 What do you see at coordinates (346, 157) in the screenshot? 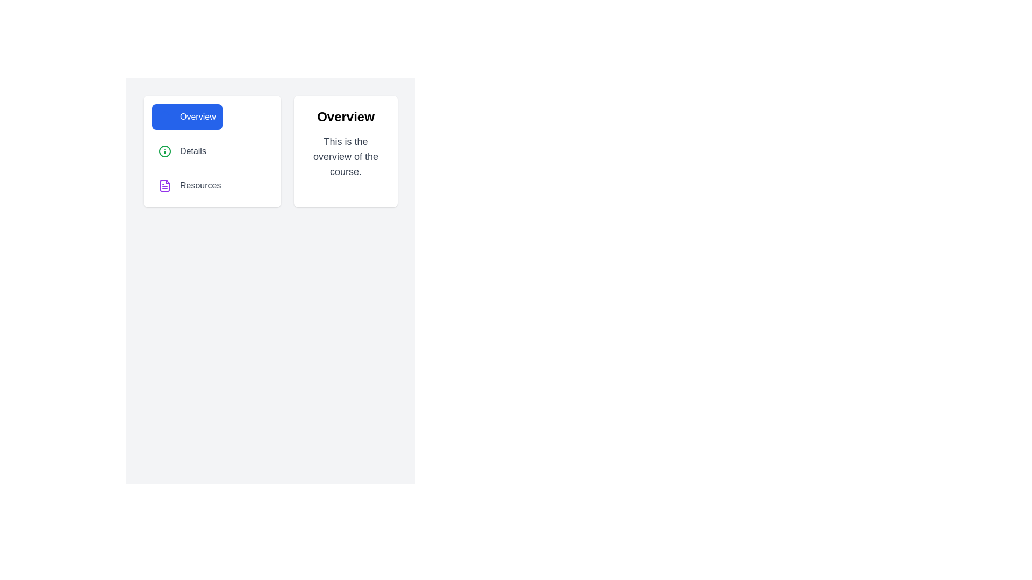
I see `the text label located in the upper-middle region of the rectangular card, immediately below the title 'Overview'` at bounding box center [346, 157].